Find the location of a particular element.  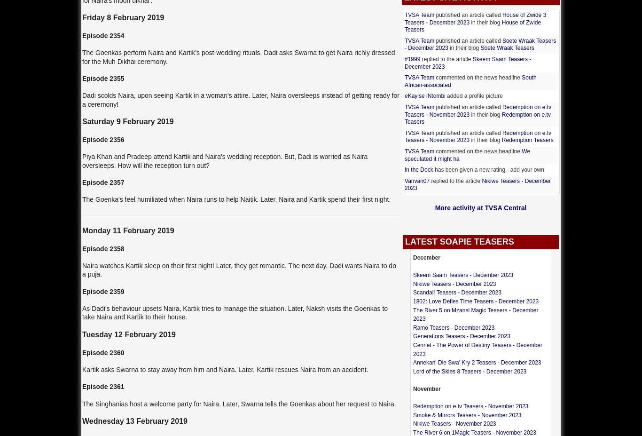

'Vanvan07' is located at coordinates (416, 180).